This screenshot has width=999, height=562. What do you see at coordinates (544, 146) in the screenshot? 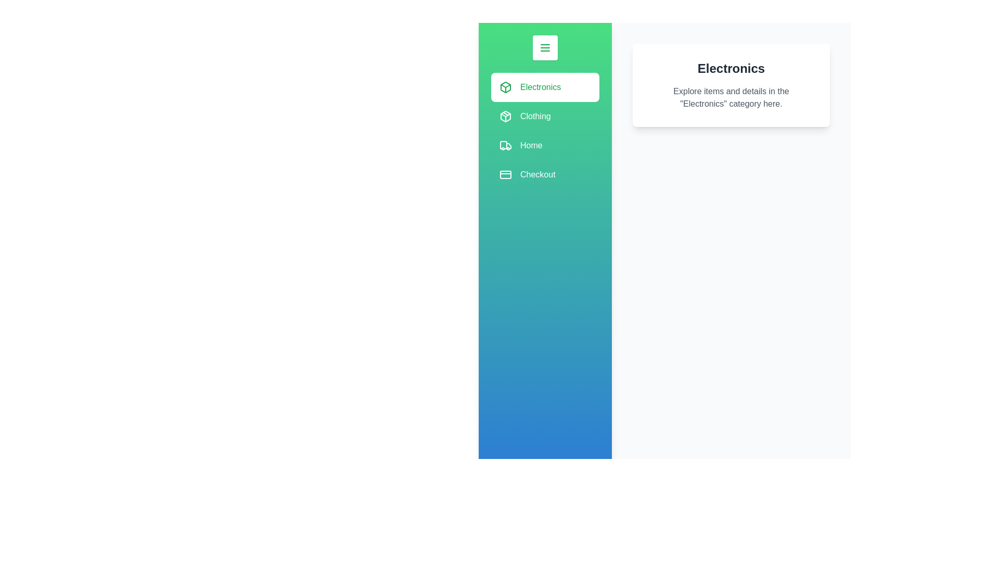
I see `the category Home from the list by clicking on its interactive area` at bounding box center [544, 146].